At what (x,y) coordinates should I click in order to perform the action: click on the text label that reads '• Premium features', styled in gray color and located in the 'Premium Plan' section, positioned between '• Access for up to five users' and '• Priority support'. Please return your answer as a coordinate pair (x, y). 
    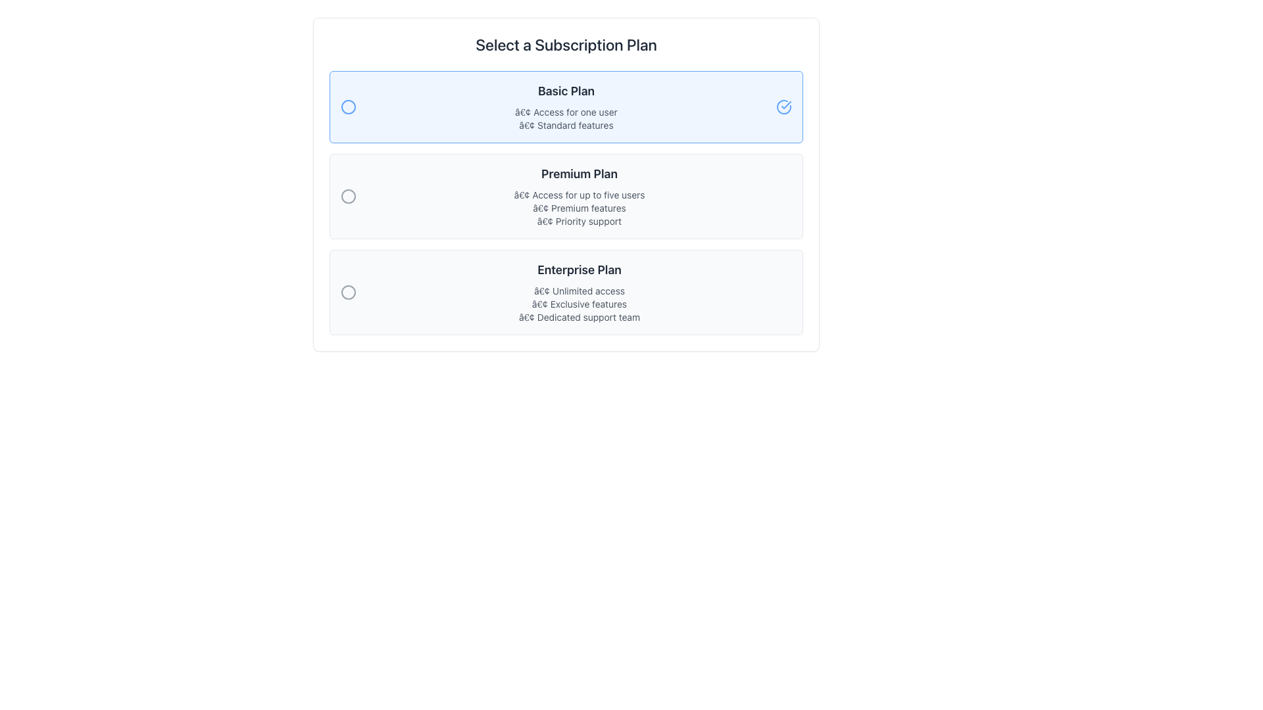
    Looking at the image, I should click on (579, 207).